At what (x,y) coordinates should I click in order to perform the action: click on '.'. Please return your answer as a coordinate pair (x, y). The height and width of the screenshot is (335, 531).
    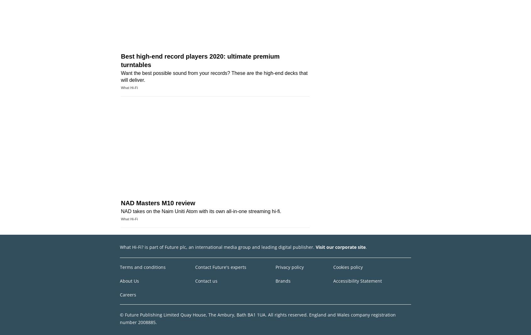
    Looking at the image, I should click on (366, 247).